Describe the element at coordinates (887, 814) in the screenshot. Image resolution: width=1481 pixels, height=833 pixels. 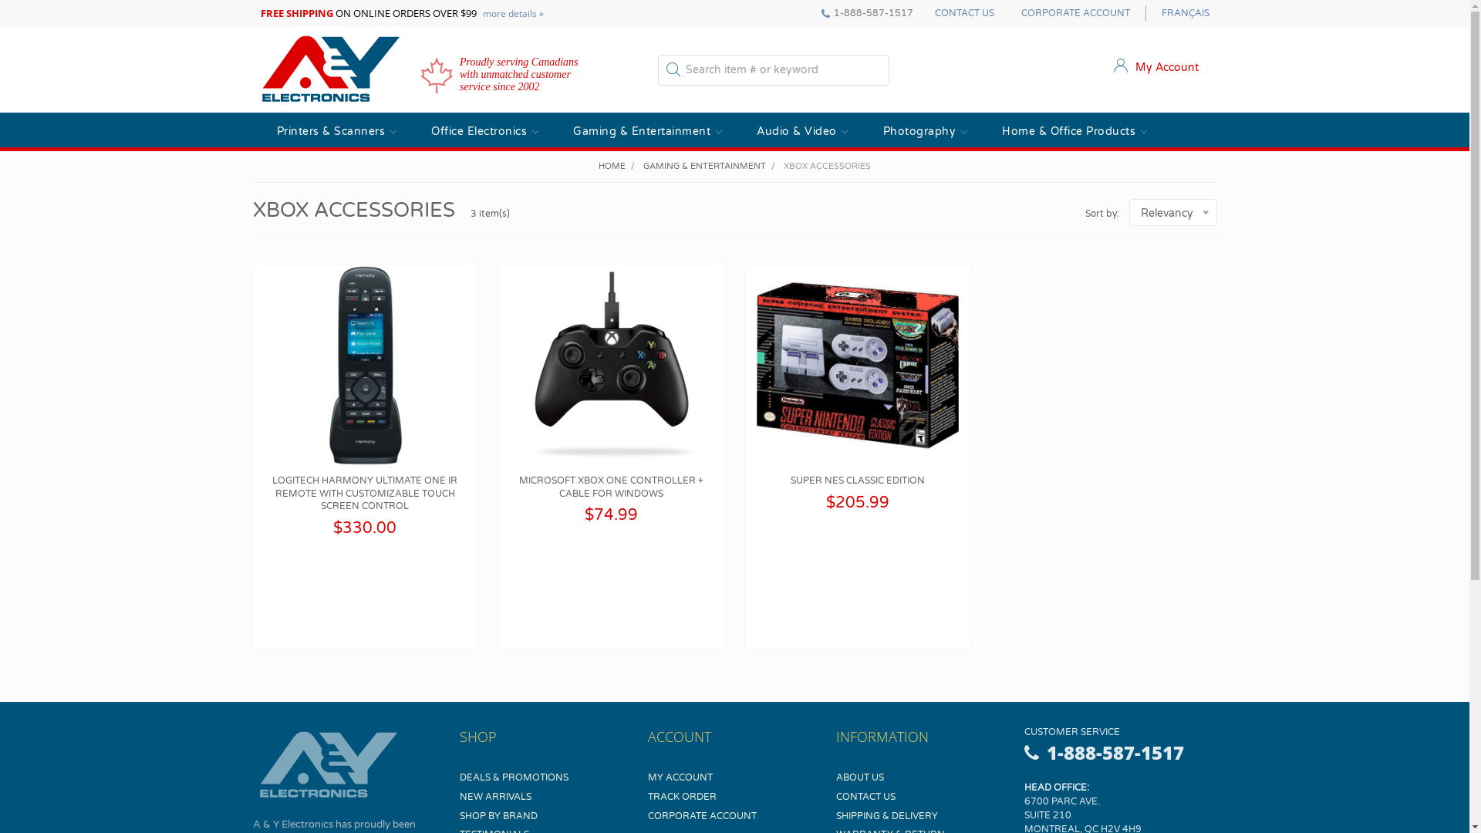
I see `'SHIPPING & DELIVERY'` at that location.